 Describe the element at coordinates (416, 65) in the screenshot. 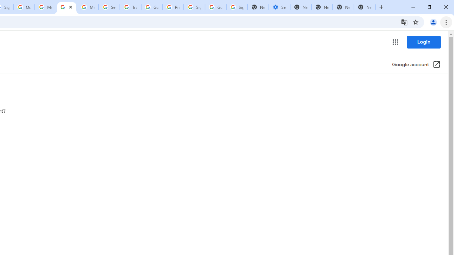

I see `'Google Account (Opens in new window)'` at that location.